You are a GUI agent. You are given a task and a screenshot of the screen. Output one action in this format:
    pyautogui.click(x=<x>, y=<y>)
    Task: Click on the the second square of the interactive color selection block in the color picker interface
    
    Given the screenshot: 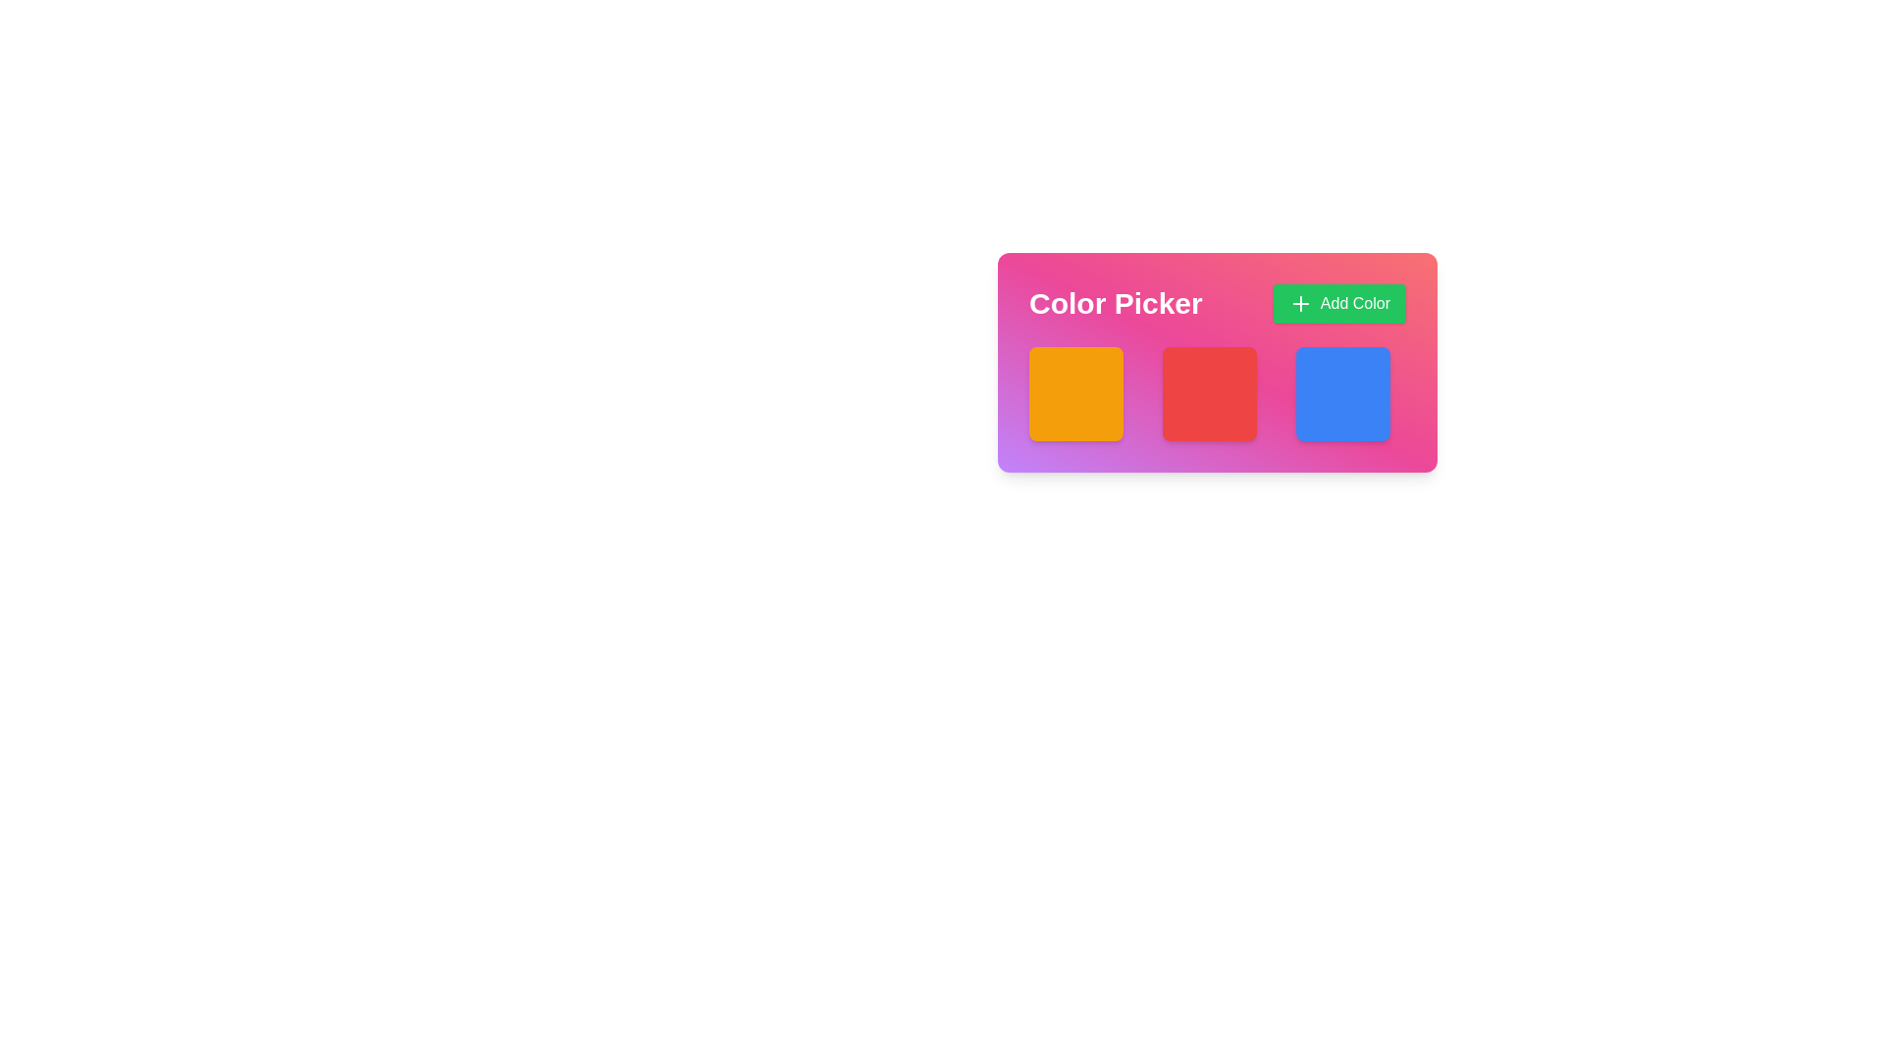 What is the action you would take?
    pyautogui.click(x=1217, y=393)
    